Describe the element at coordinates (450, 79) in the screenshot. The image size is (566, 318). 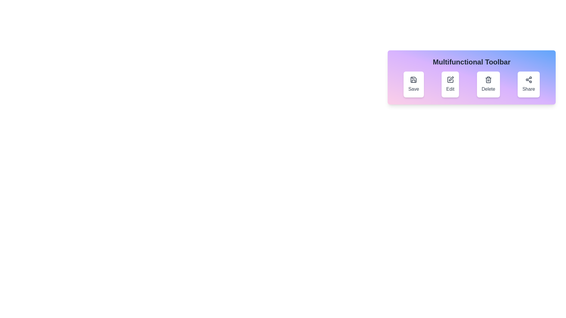
I see `the pencil icon located at the top-center of the 'Edit' button in the toolbar` at that location.